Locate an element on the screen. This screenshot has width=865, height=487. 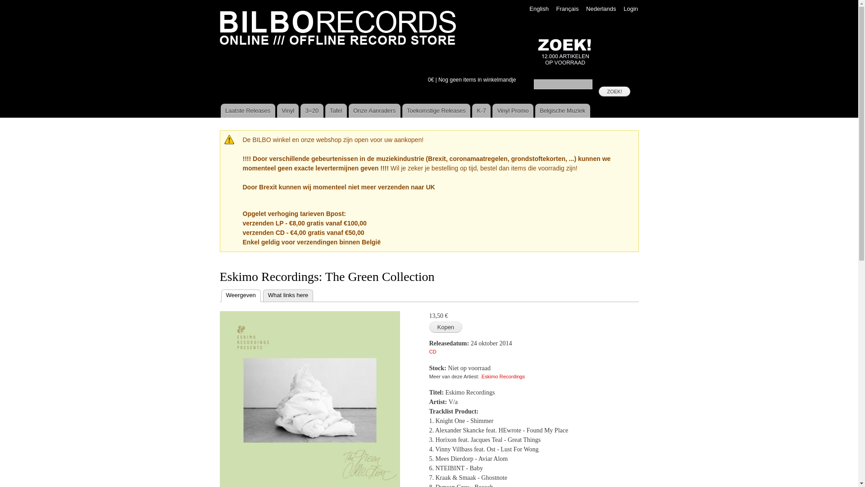
'CD' is located at coordinates (432, 351).